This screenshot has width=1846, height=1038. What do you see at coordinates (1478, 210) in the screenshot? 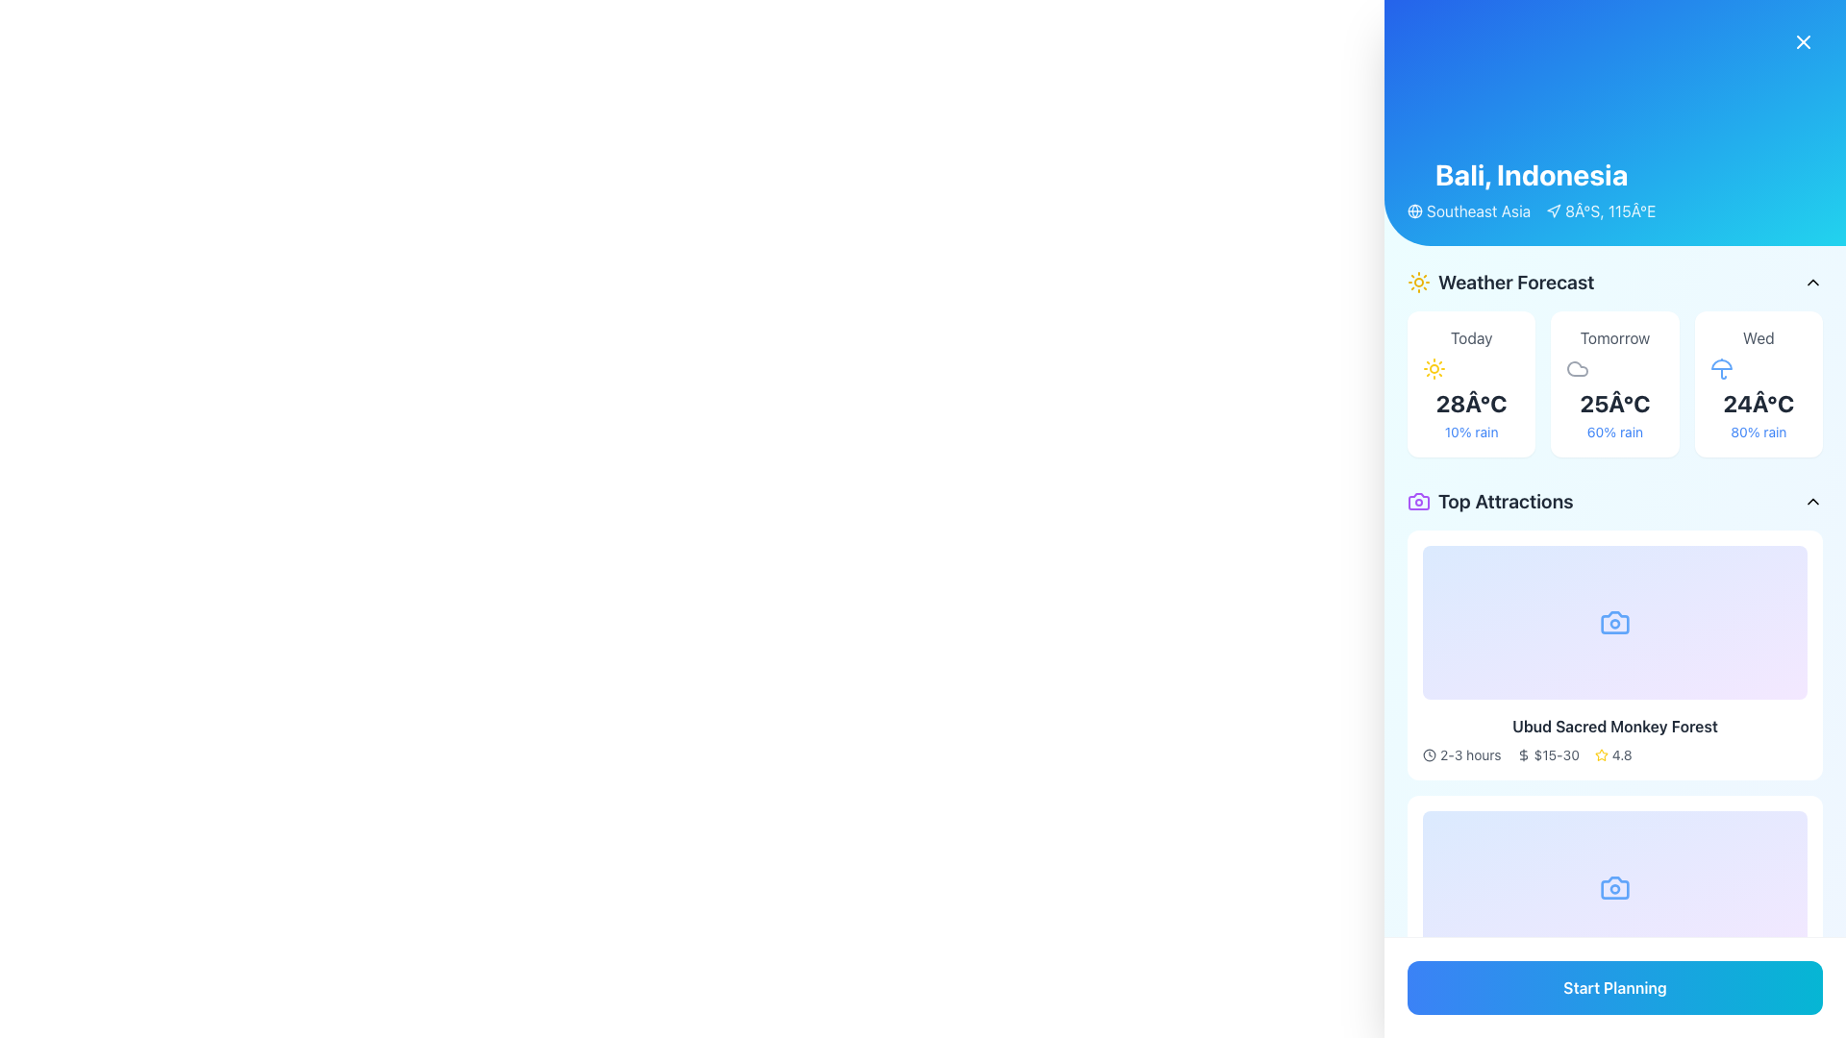
I see `the text label displaying the geographical region 'Bali, Indonesia', which is positioned directly beneath the location header and aligns horizontally beside a globe icon` at bounding box center [1478, 210].